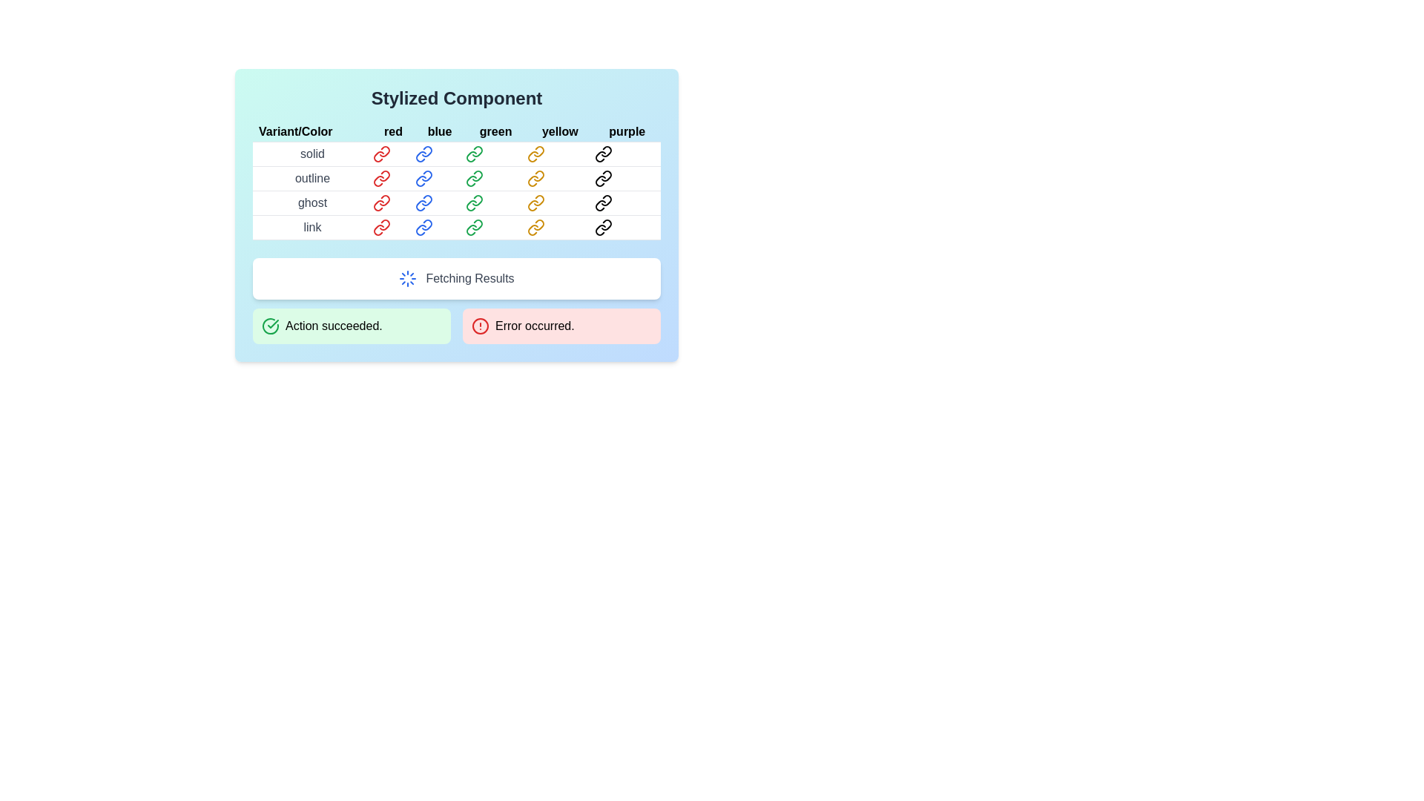 The image size is (1424, 801). Describe the element at coordinates (477, 174) in the screenshot. I see `the green link icon located in the second row titled 'outline' in the table` at that location.